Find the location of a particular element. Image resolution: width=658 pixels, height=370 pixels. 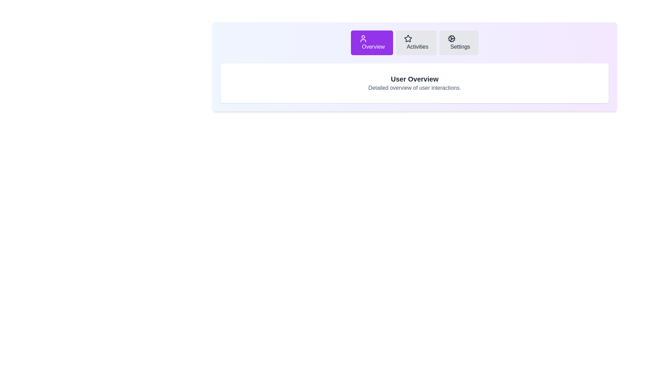

the settings icon button, which is the third button in the navigation menu at the top of the interface, positioned to the right of the 'Activities' button is located at coordinates (452, 38).